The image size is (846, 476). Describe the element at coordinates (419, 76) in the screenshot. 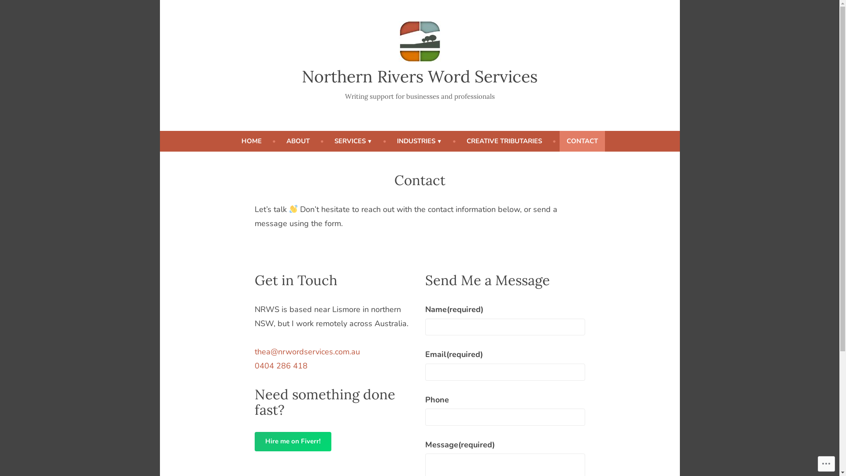

I see `'Northern Rivers Word Services'` at that location.